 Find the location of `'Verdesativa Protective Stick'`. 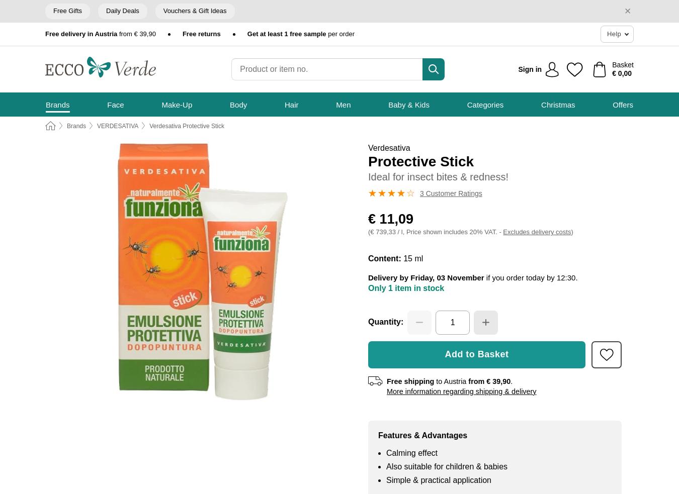

'Verdesativa Protective Stick' is located at coordinates (187, 126).